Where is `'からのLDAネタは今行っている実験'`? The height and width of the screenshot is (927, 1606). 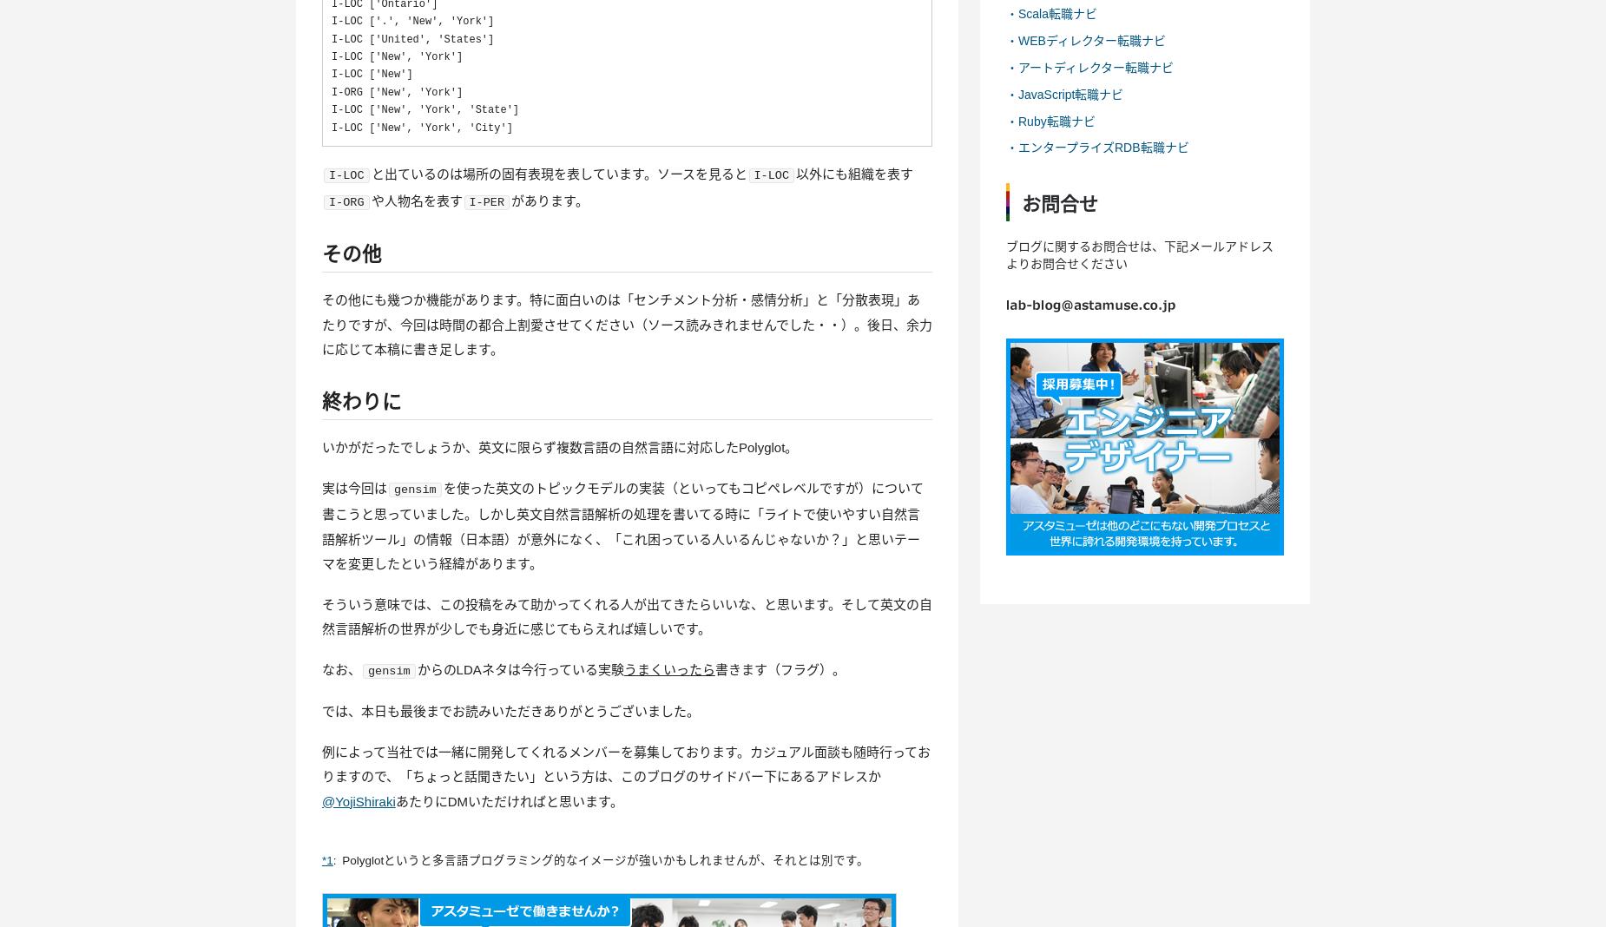 'からのLDAネタは今行っている実験' is located at coordinates (520, 668).